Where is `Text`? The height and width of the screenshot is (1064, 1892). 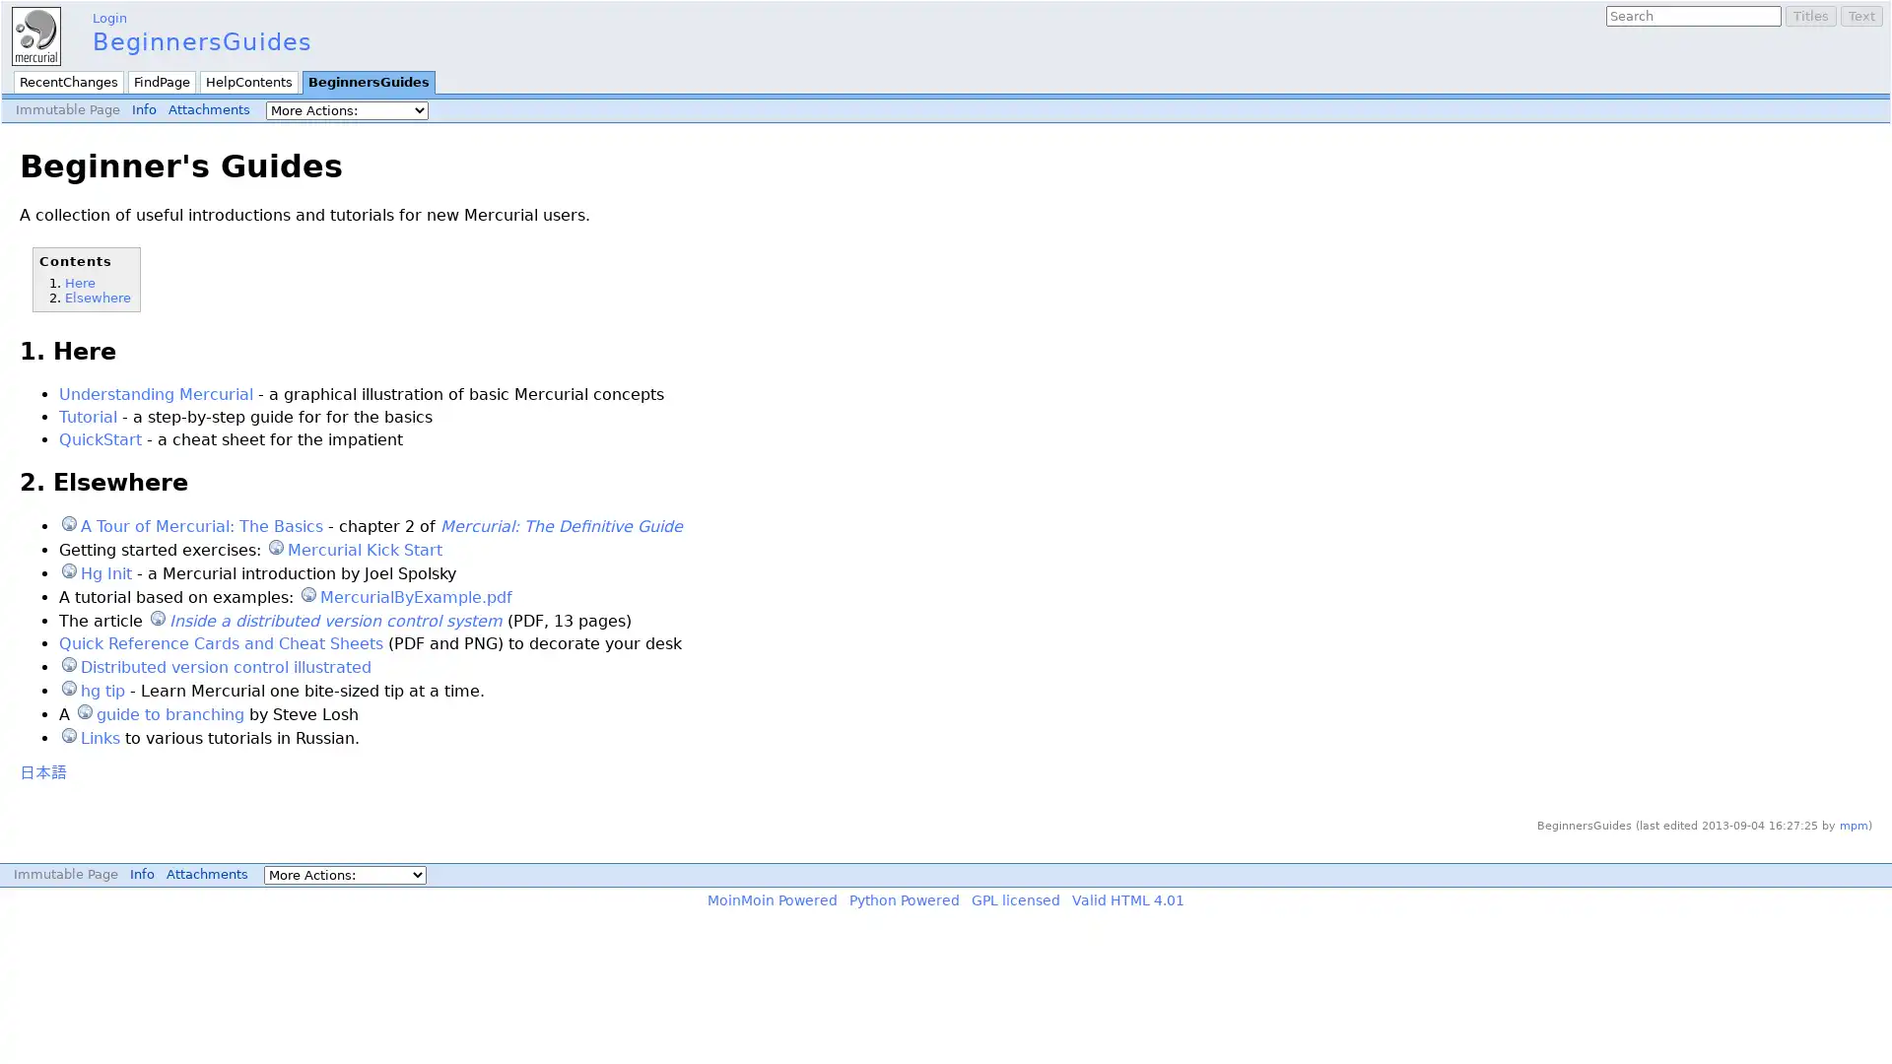 Text is located at coordinates (1860, 16).